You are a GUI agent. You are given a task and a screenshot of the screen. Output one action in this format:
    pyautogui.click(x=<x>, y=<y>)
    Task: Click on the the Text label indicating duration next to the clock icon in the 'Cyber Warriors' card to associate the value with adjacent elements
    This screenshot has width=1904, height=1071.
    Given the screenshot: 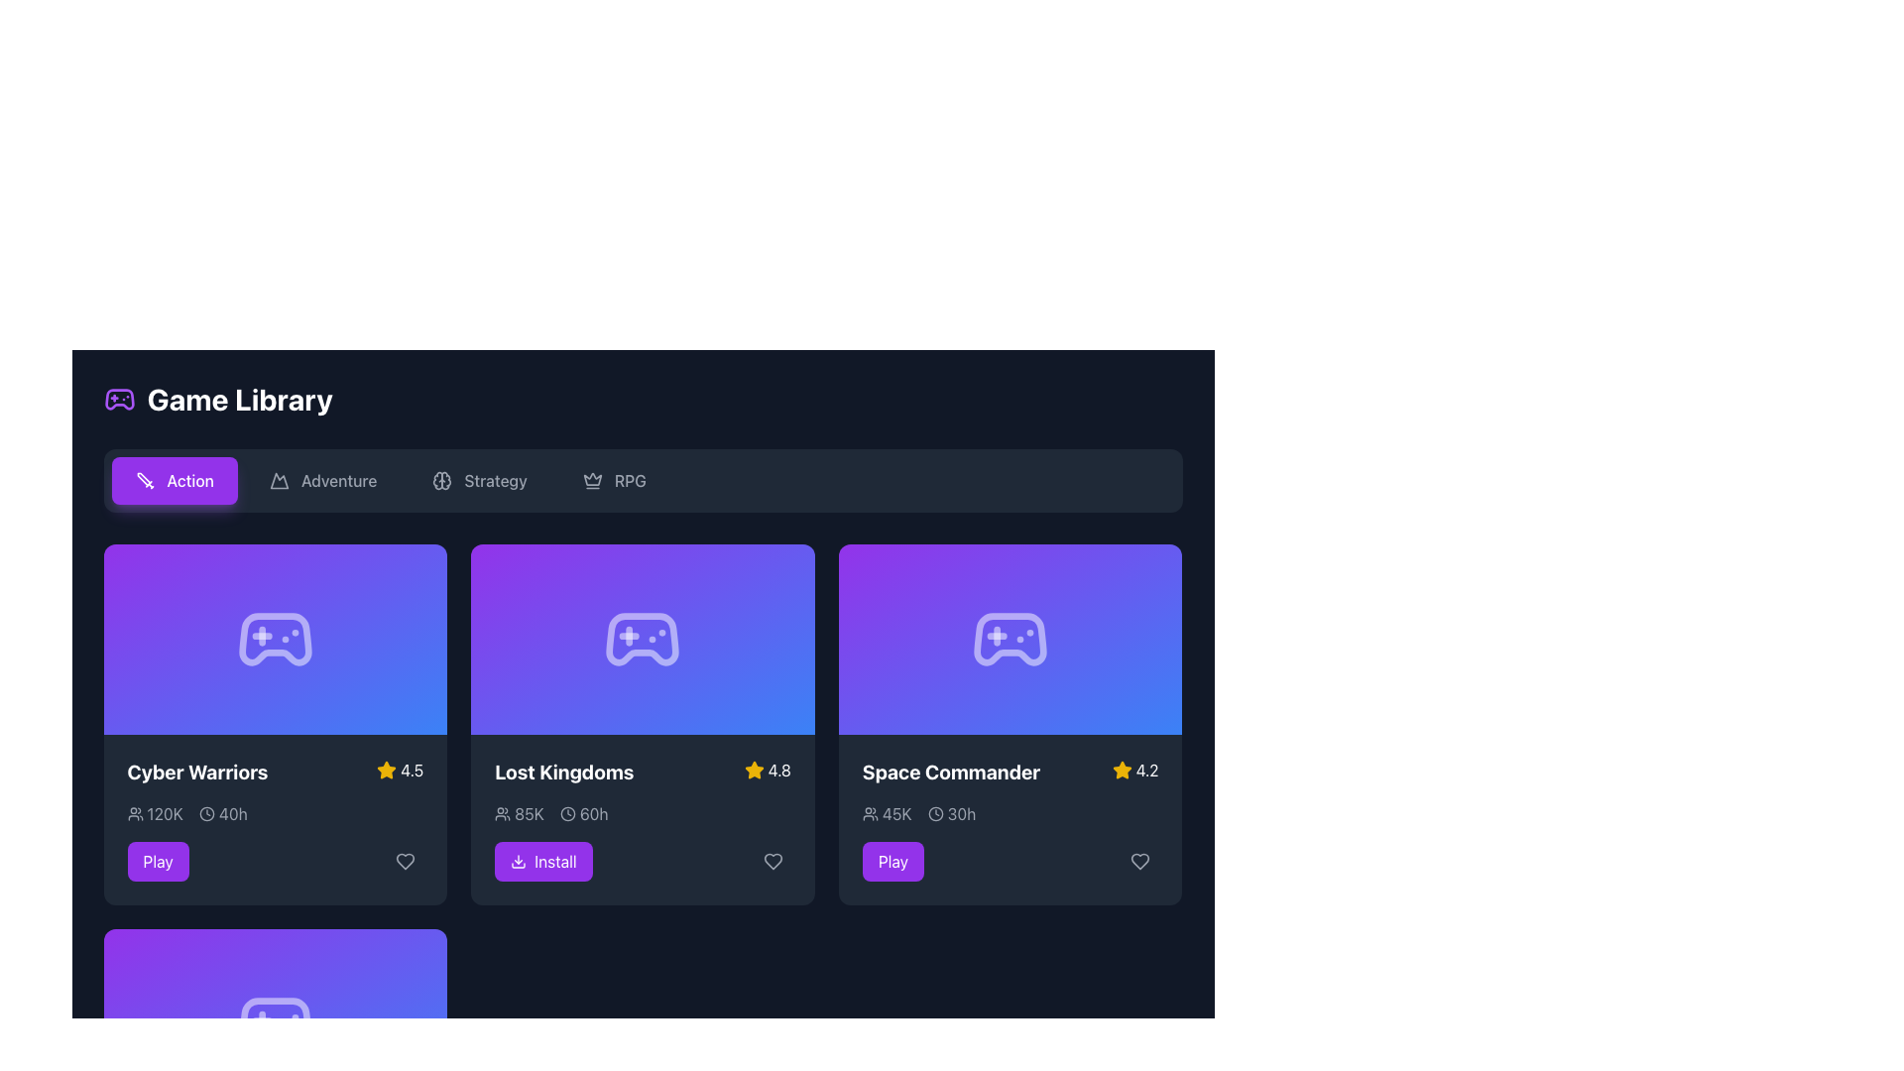 What is the action you would take?
    pyautogui.click(x=233, y=814)
    